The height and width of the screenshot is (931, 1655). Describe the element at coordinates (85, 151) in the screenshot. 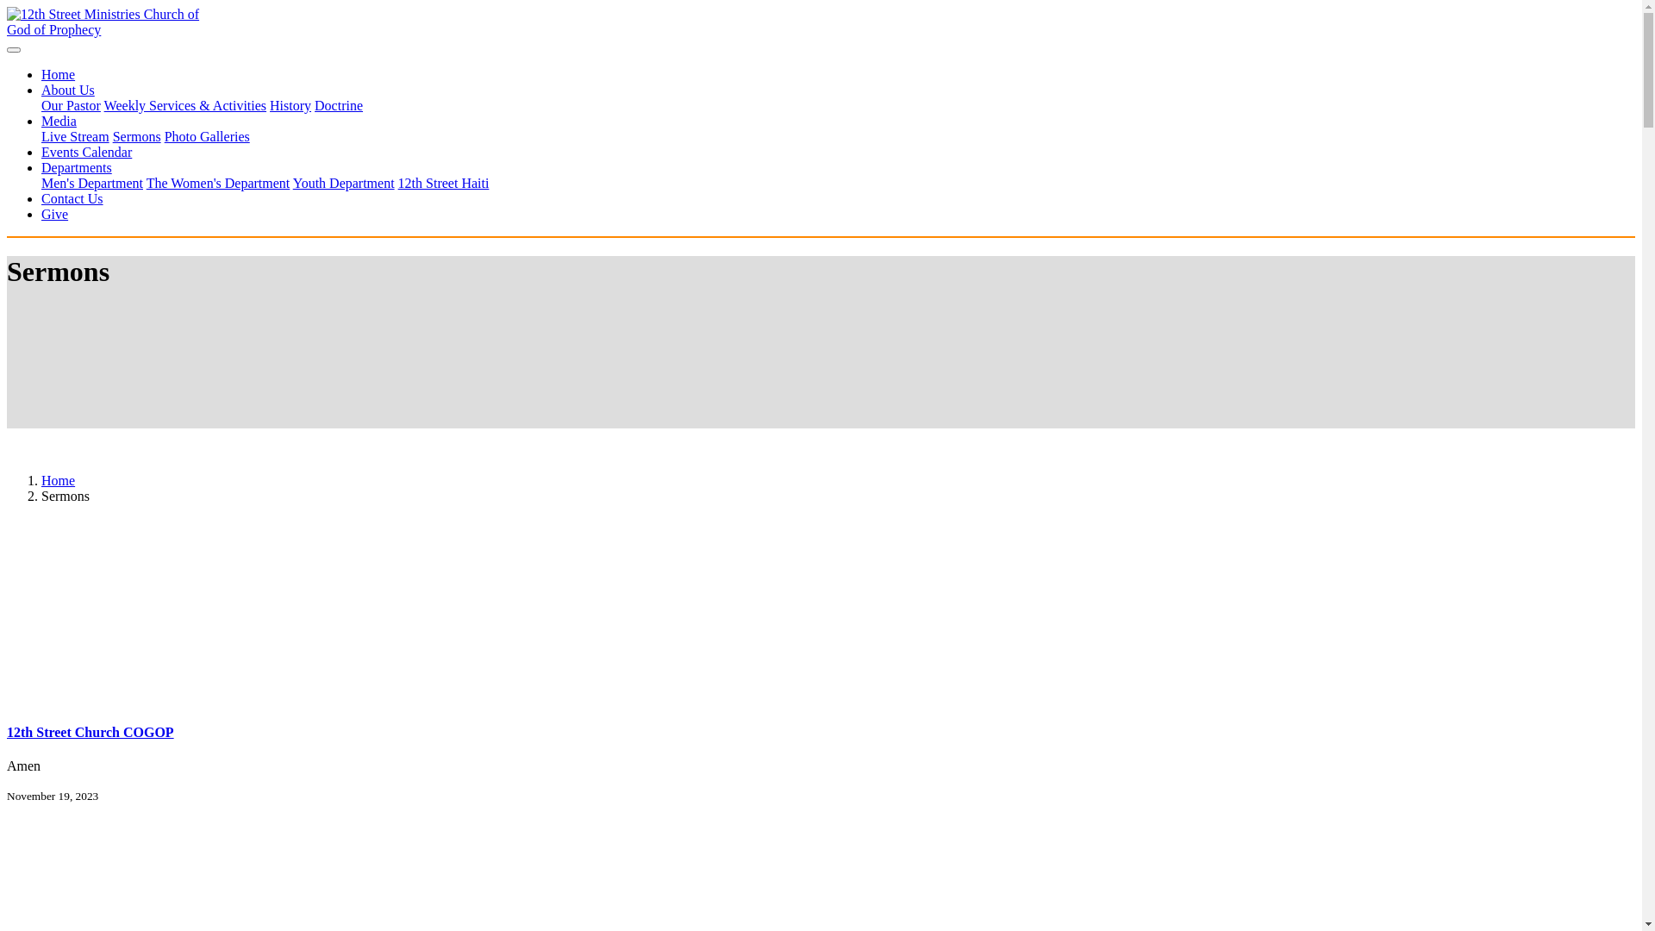

I see `'Events Calendar'` at that location.